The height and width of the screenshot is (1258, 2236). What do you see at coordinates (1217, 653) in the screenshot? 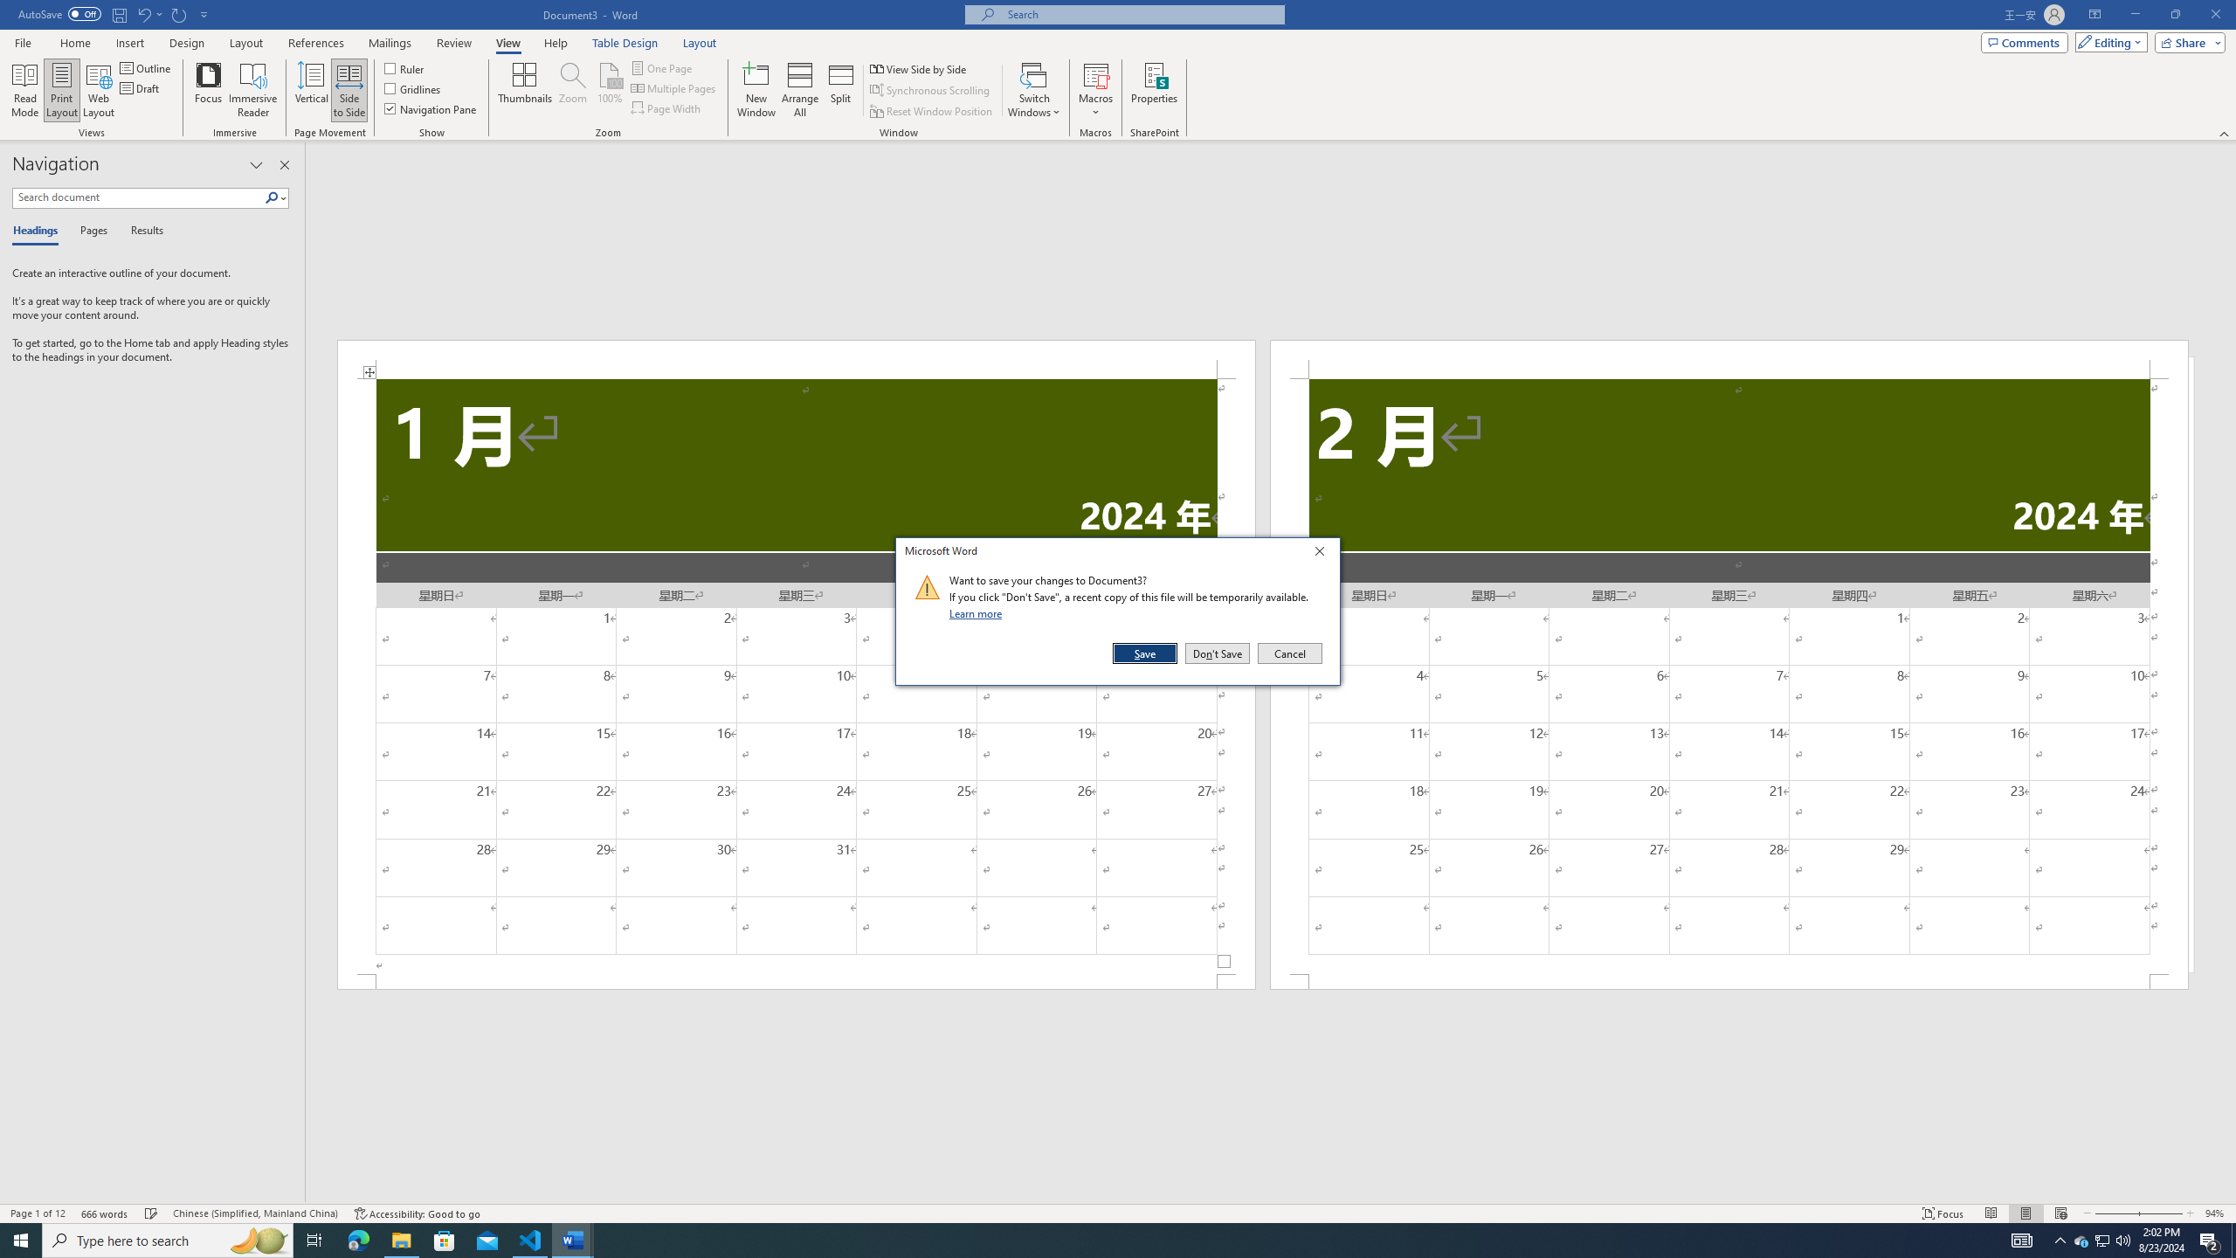
I see `'Don'` at bounding box center [1217, 653].